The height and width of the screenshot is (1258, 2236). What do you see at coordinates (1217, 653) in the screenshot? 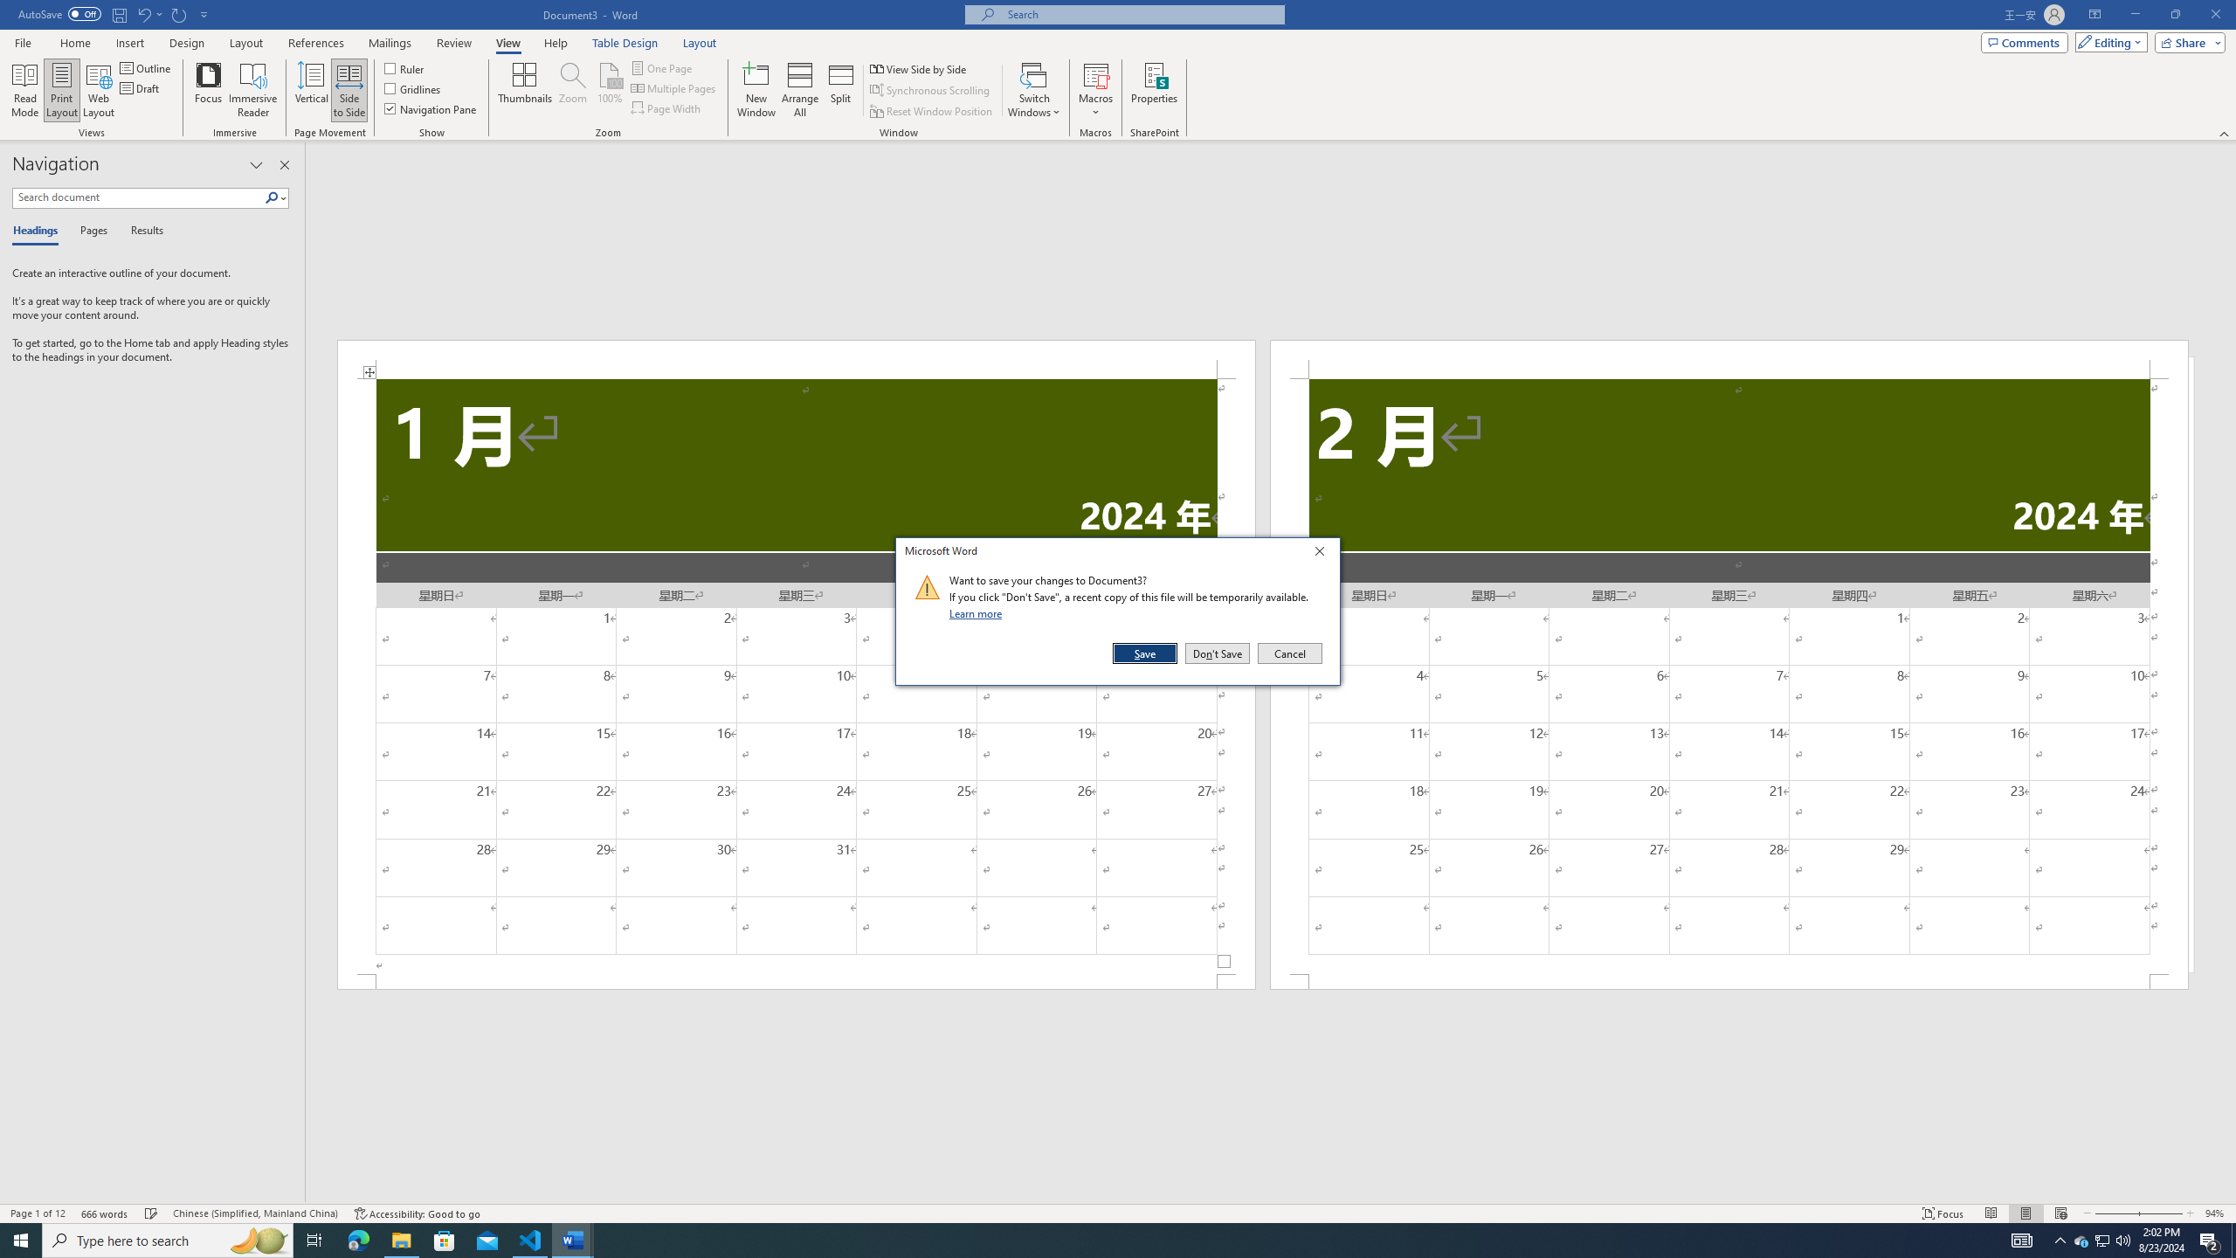
I see `'Don'` at bounding box center [1217, 653].